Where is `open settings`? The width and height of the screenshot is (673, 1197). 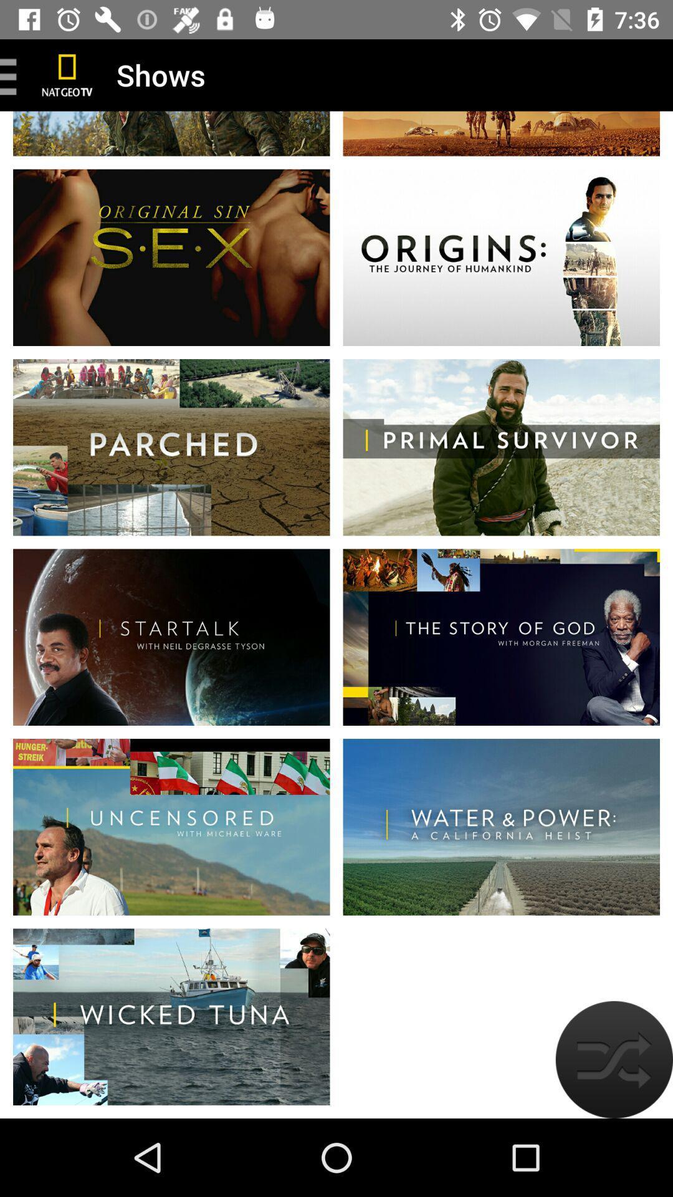
open settings is located at coordinates (12, 74).